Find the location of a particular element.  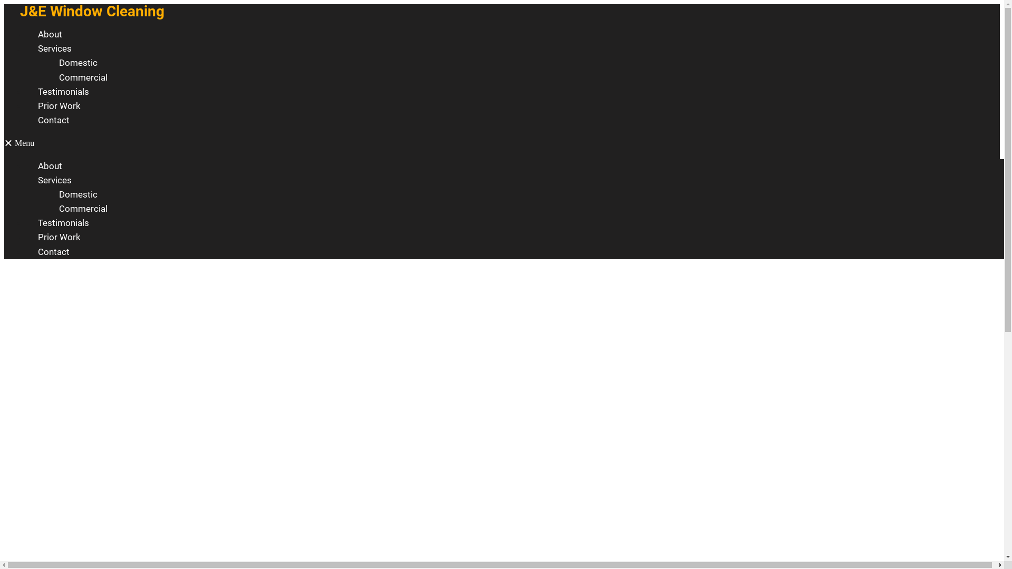

'Testimonials' is located at coordinates (25, 222).